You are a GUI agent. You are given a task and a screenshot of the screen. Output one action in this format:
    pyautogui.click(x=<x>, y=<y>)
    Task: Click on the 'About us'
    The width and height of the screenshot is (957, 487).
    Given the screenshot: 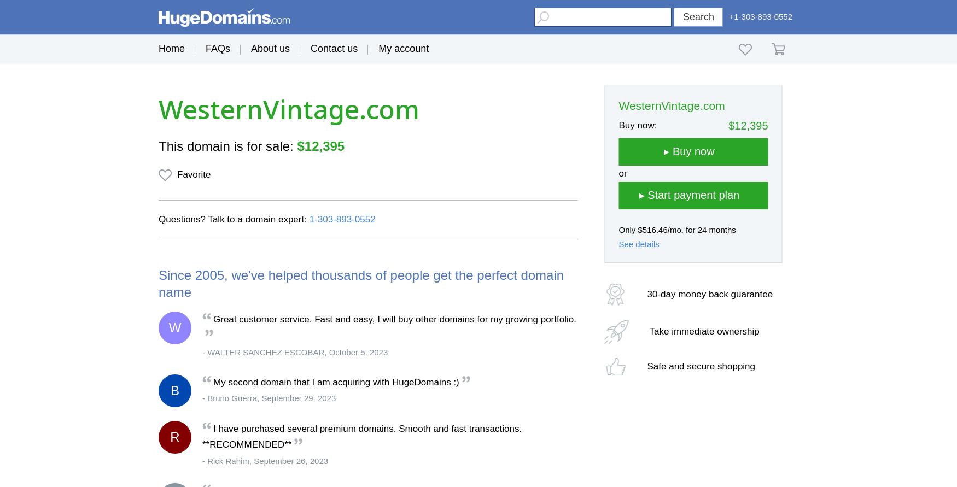 What is the action you would take?
    pyautogui.click(x=270, y=49)
    